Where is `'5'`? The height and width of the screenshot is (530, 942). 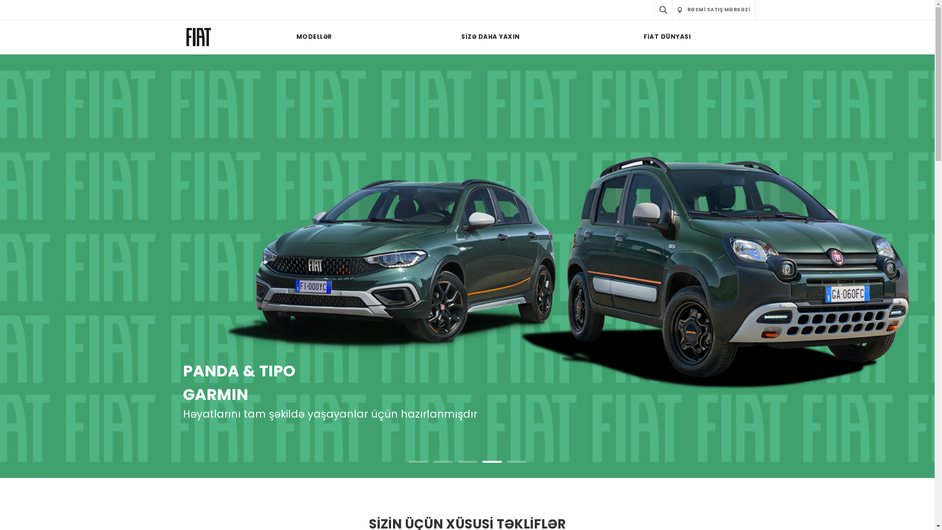
'5' is located at coordinates (506, 462).